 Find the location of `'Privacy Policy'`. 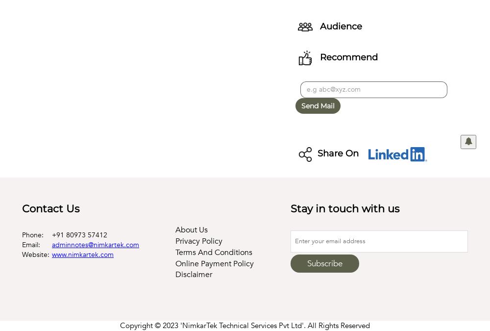

'Privacy Policy' is located at coordinates (175, 240).